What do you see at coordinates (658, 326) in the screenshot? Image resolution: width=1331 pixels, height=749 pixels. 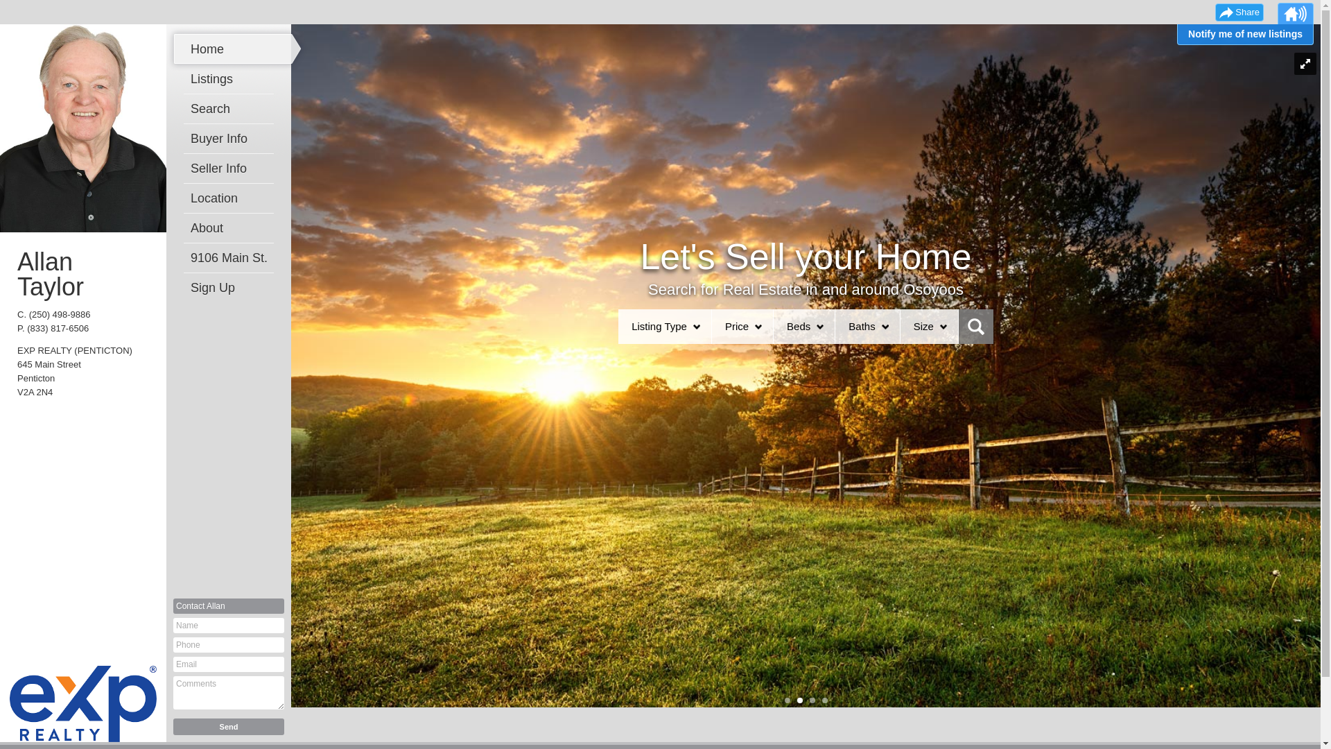 I see `'Listing Type'` at bounding box center [658, 326].